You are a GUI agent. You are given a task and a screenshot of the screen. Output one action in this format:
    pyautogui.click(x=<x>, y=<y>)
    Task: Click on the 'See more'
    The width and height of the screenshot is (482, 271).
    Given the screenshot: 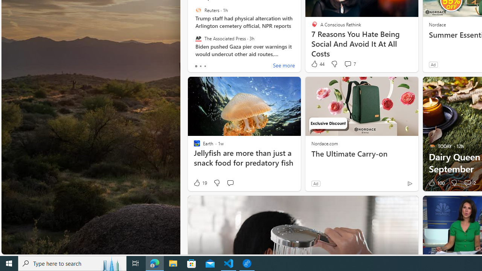 What is the action you would take?
    pyautogui.click(x=283, y=66)
    